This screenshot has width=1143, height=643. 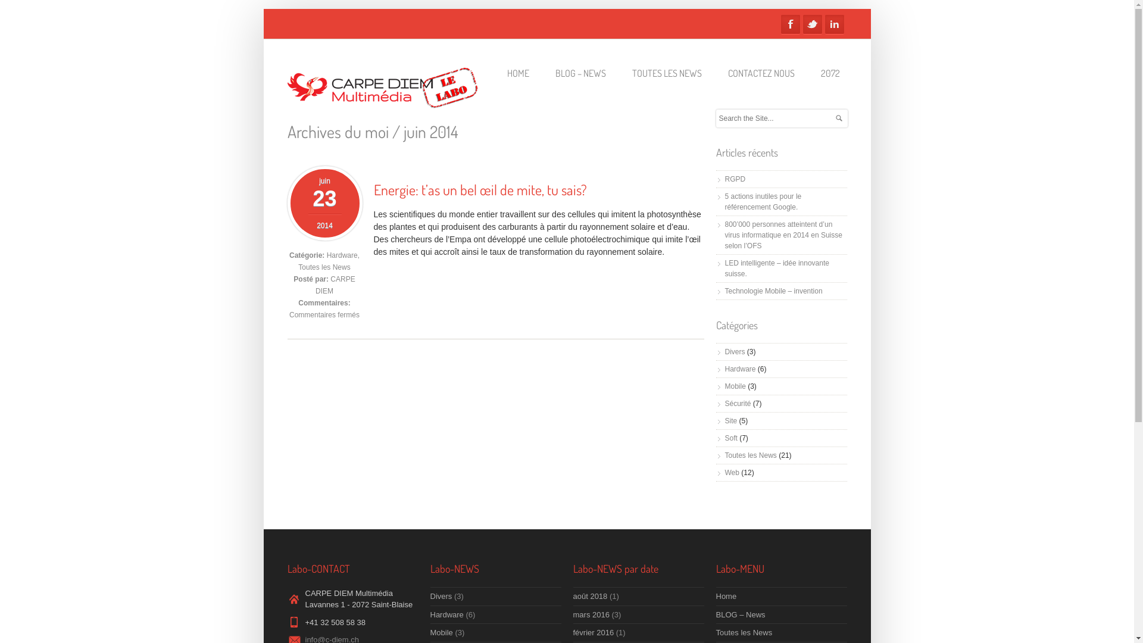 I want to click on 'CONTACTEZ NOUS', so click(x=760, y=74).